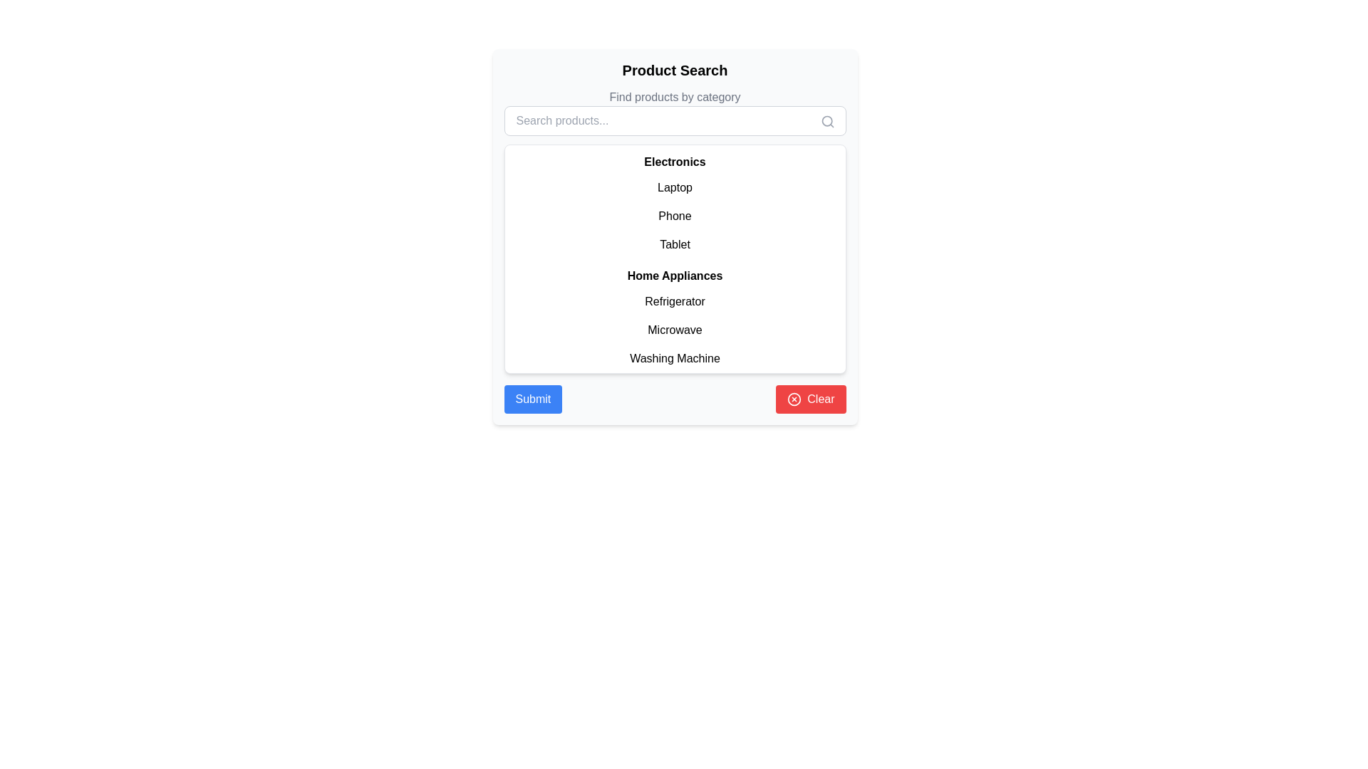 This screenshot has height=769, width=1368. What do you see at coordinates (674, 187) in the screenshot?
I see `the selectable list option text item reading 'Laptop', which is positioned under the 'Electronics' heading in a vertical list` at bounding box center [674, 187].